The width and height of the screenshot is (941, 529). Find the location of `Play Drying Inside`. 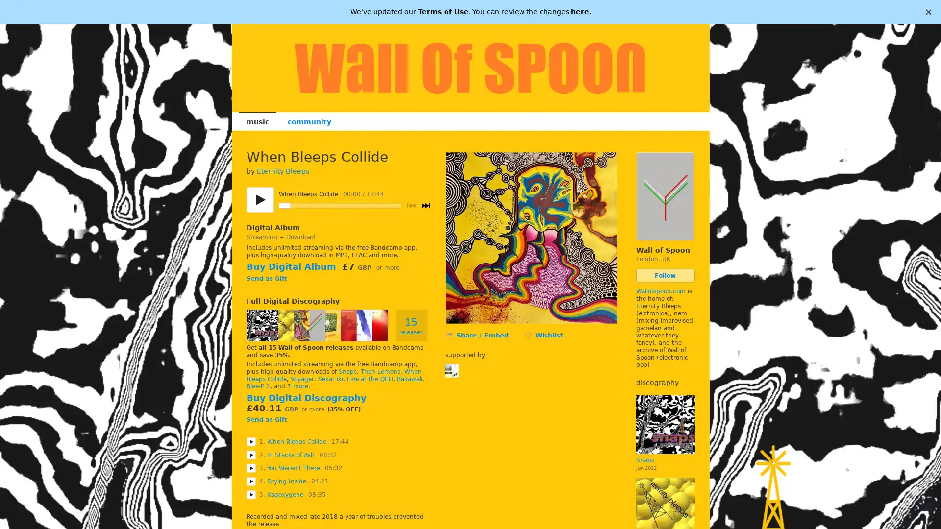

Play Drying Inside is located at coordinates (250, 481).